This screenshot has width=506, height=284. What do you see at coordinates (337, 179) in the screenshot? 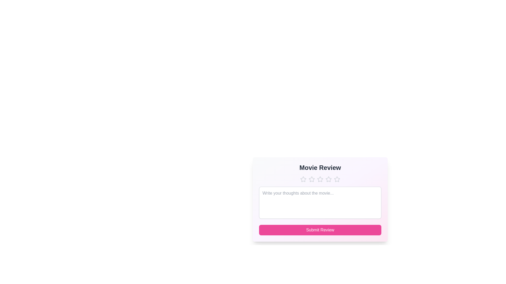
I see `the star icon to set the rating to 5` at bounding box center [337, 179].